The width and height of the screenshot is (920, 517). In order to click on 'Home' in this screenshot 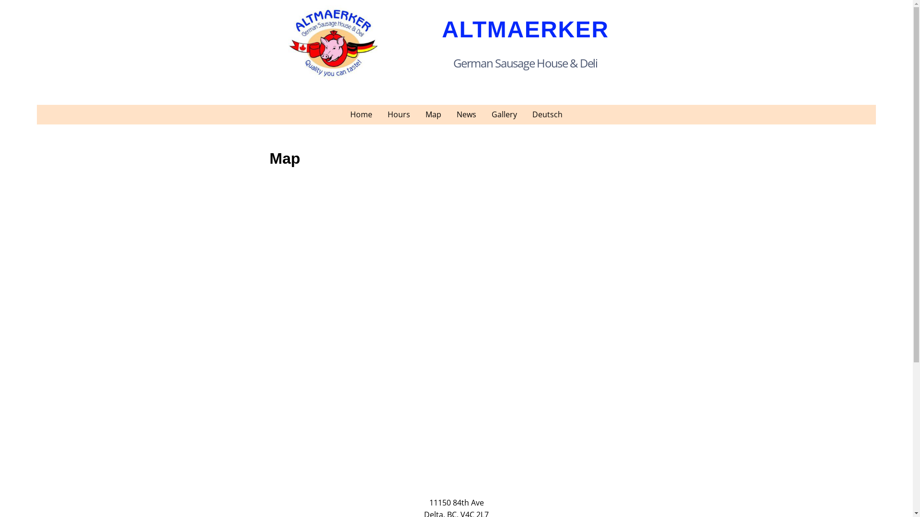, I will do `click(360, 114)`.